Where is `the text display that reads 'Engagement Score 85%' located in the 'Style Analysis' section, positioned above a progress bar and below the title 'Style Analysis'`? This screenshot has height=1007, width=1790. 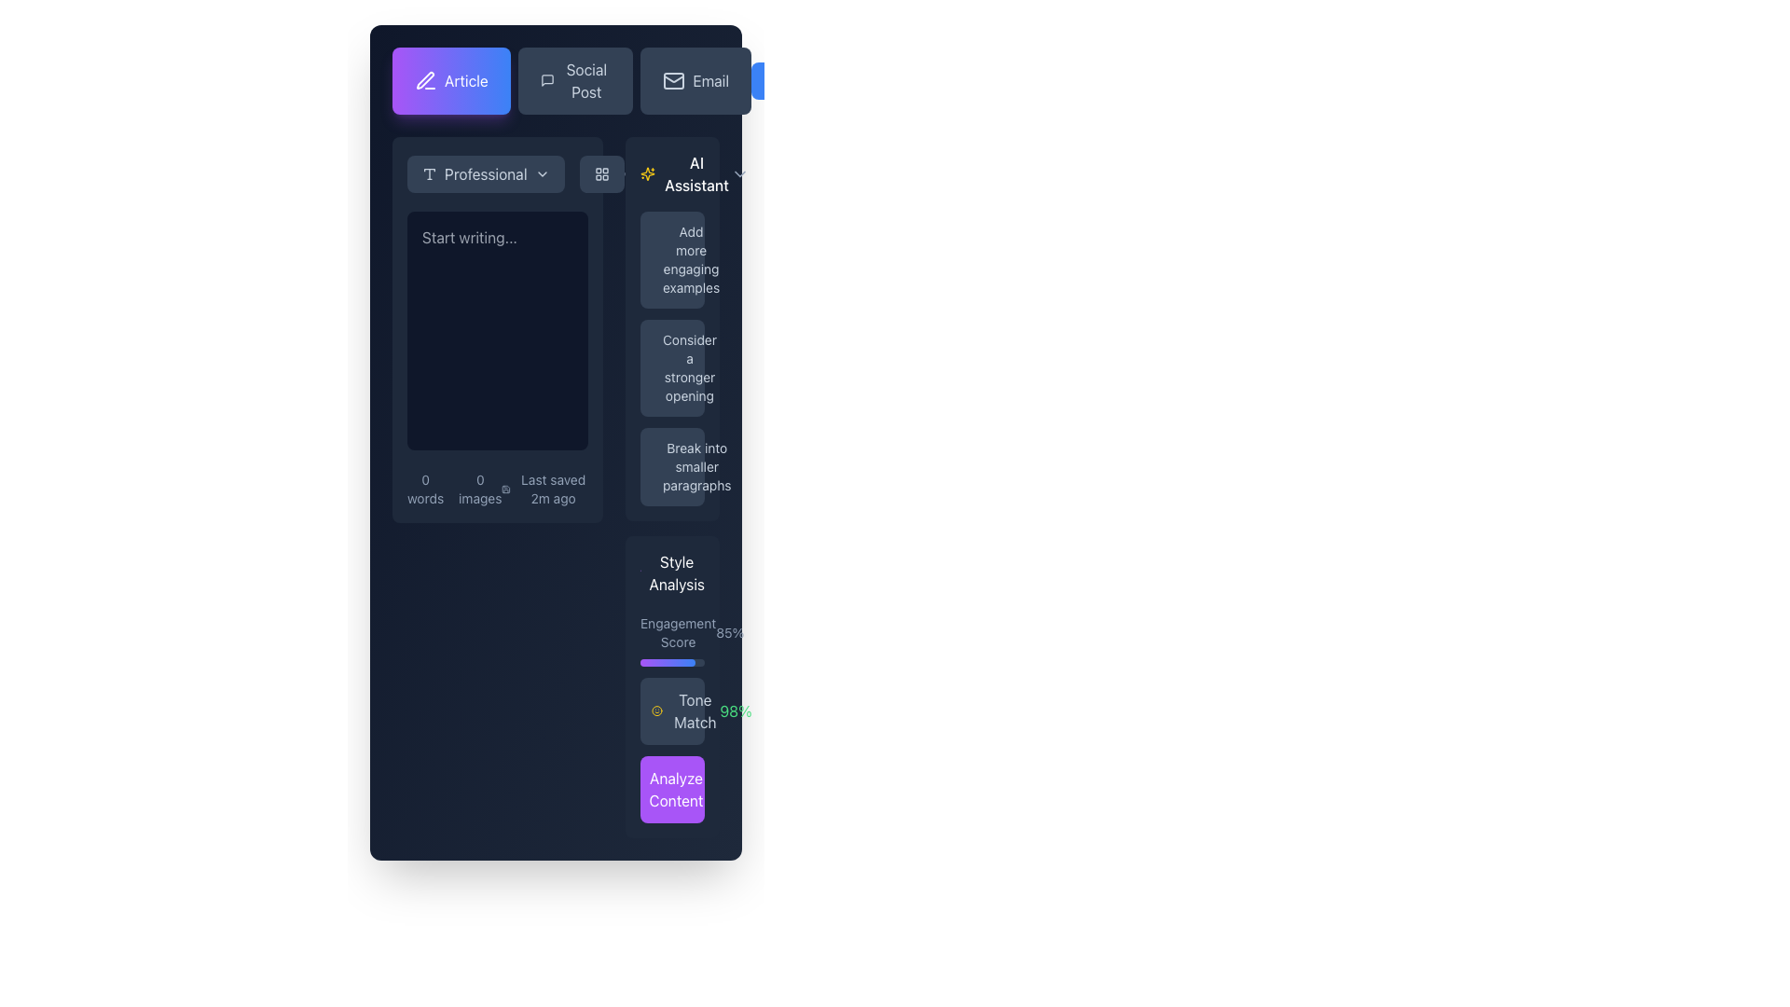
the text display that reads 'Engagement Score 85%' located in the 'Style Analysis' section, positioned above a progress bar and below the title 'Style Analysis' is located at coordinates (671, 631).